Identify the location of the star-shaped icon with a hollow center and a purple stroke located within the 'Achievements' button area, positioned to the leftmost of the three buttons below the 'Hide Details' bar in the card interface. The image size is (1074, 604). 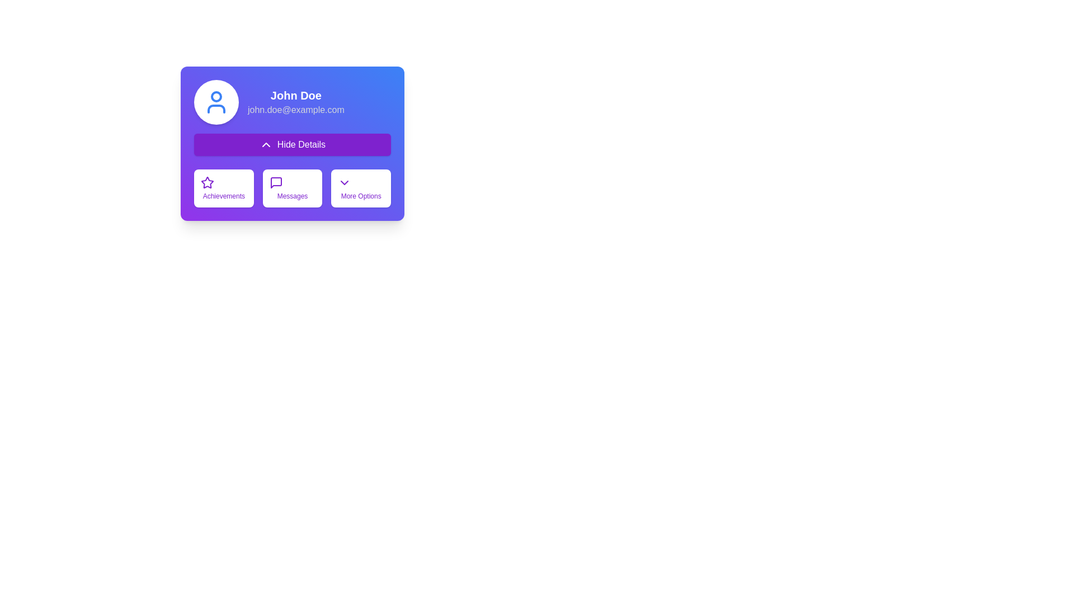
(207, 182).